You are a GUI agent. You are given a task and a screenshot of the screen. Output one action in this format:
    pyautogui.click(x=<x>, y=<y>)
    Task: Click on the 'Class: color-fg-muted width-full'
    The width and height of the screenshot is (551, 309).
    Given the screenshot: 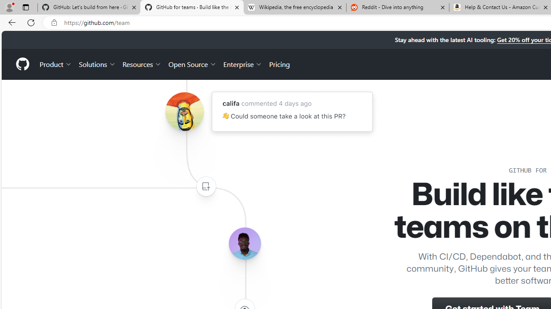 What is the action you would take?
    pyautogui.click(x=205, y=186)
    